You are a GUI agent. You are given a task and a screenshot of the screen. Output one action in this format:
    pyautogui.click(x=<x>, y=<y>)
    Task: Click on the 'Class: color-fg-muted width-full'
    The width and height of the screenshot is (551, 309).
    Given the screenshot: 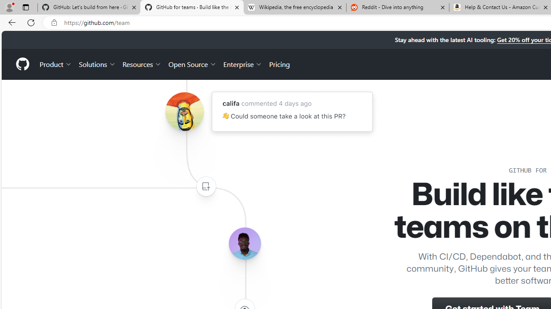 What is the action you would take?
    pyautogui.click(x=205, y=186)
    